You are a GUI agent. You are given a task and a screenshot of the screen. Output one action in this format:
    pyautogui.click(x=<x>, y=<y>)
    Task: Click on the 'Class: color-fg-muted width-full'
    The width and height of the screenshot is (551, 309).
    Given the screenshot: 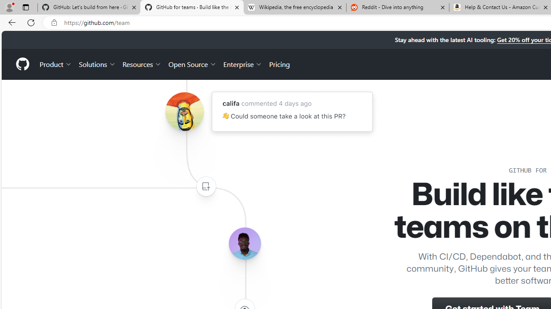 What is the action you would take?
    pyautogui.click(x=205, y=186)
    